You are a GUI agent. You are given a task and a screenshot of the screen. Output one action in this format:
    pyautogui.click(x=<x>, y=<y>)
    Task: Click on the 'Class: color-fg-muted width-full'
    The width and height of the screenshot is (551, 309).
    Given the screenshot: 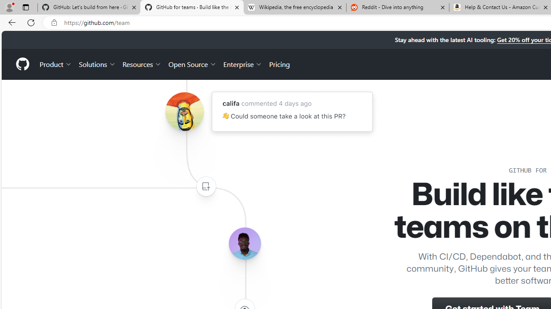 What is the action you would take?
    pyautogui.click(x=205, y=186)
    